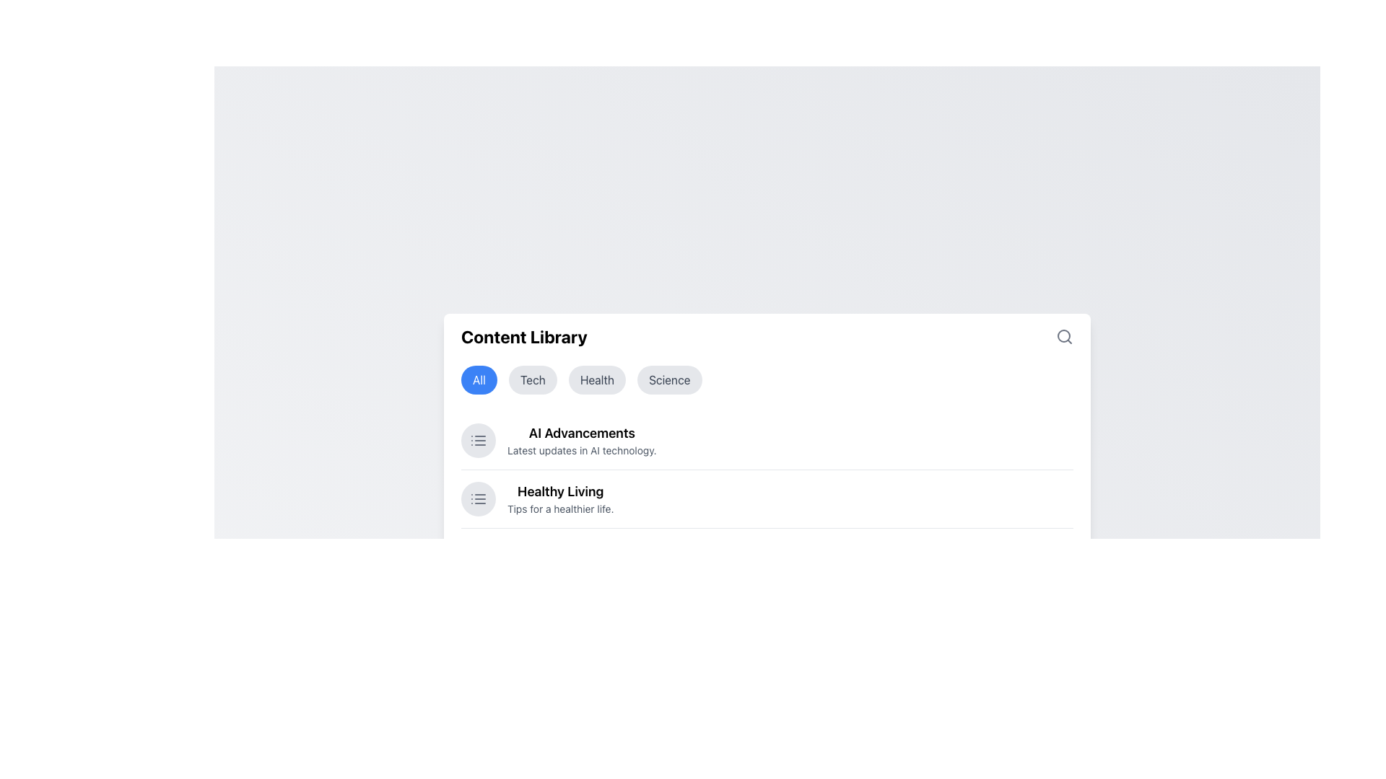 Image resolution: width=1386 pixels, height=779 pixels. What do you see at coordinates (479, 379) in the screenshot?
I see `the first button labeled 'All' located beneath the title 'Content Library'` at bounding box center [479, 379].